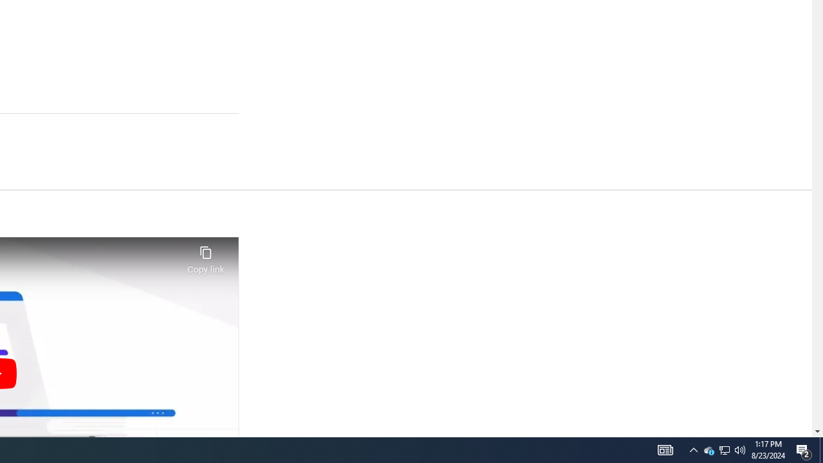 The width and height of the screenshot is (823, 463). Describe the element at coordinates (206, 256) in the screenshot. I see `'Copy link'` at that location.